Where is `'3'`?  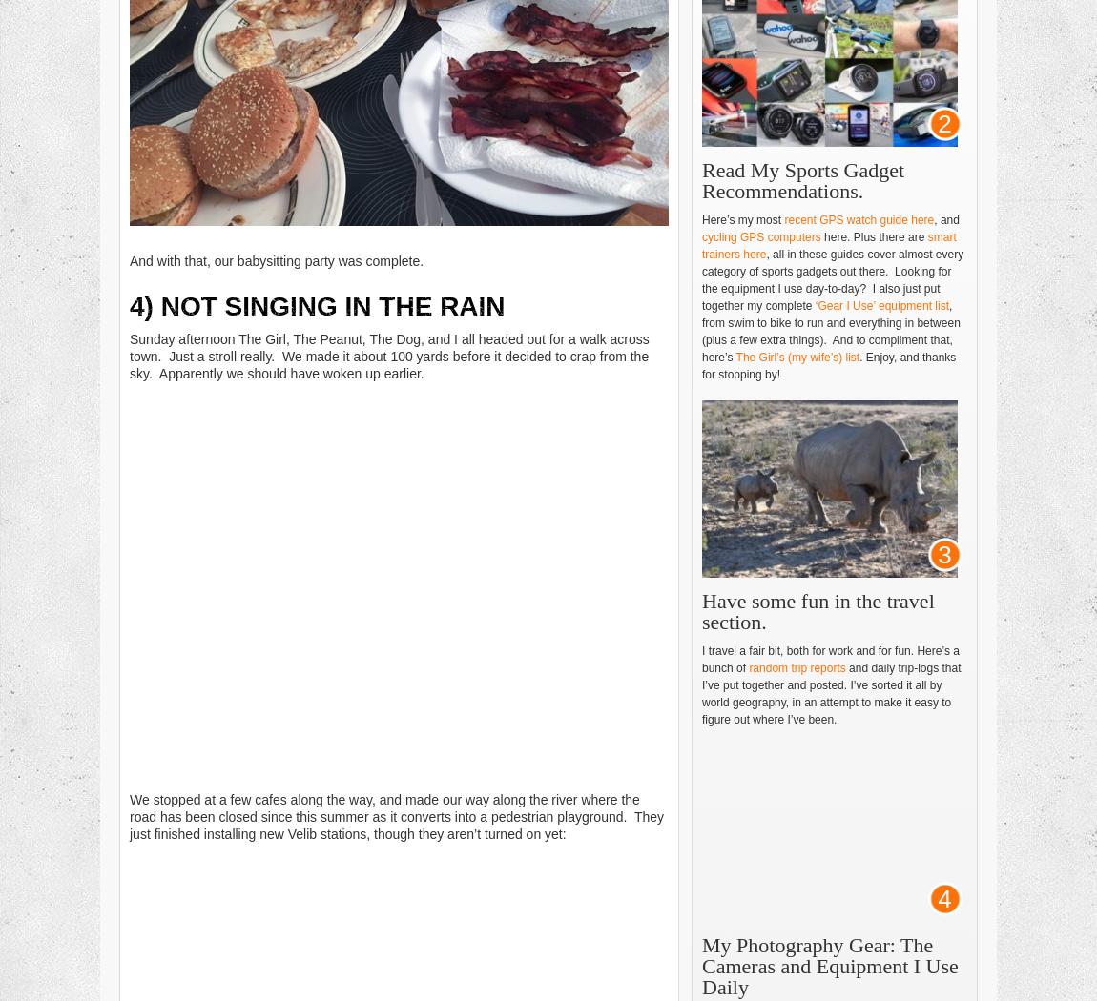
'3' is located at coordinates (938, 552).